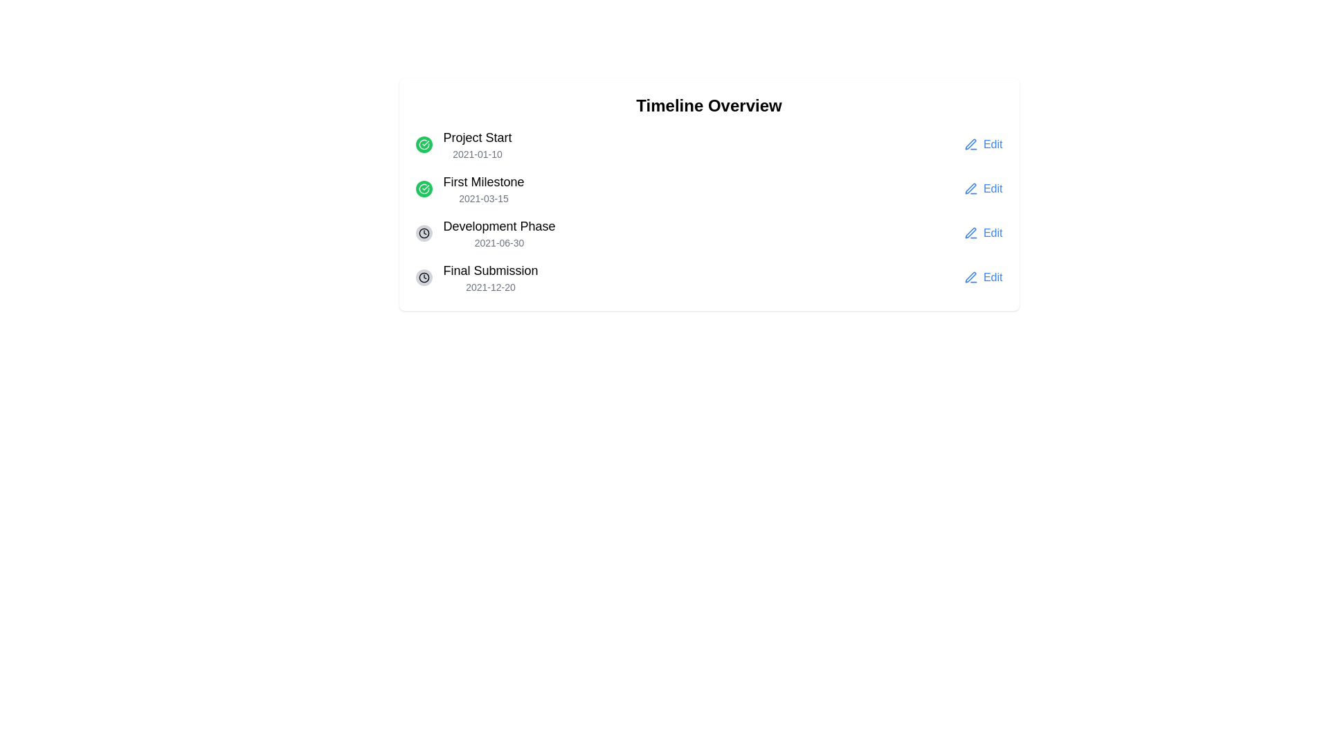 The height and width of the screenshot is (748, 1329). What do you see at coordinates (970, 189) in the screenshot?
I see `the edit icon located to the right of the 'Development Phase' timeline event, specifically beside the text 'Edit', which is the third Edit button of the timeline events` at bounding box center [970, 189].